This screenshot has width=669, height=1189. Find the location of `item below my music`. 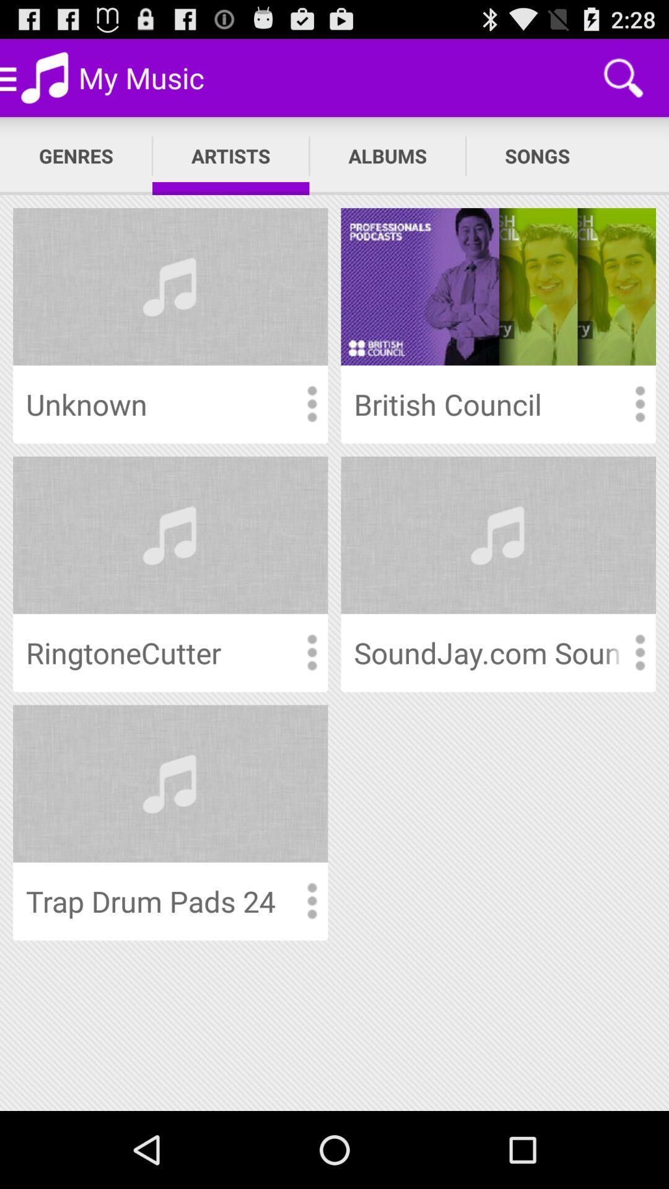

item below my music is located at coordinates (230, 155).